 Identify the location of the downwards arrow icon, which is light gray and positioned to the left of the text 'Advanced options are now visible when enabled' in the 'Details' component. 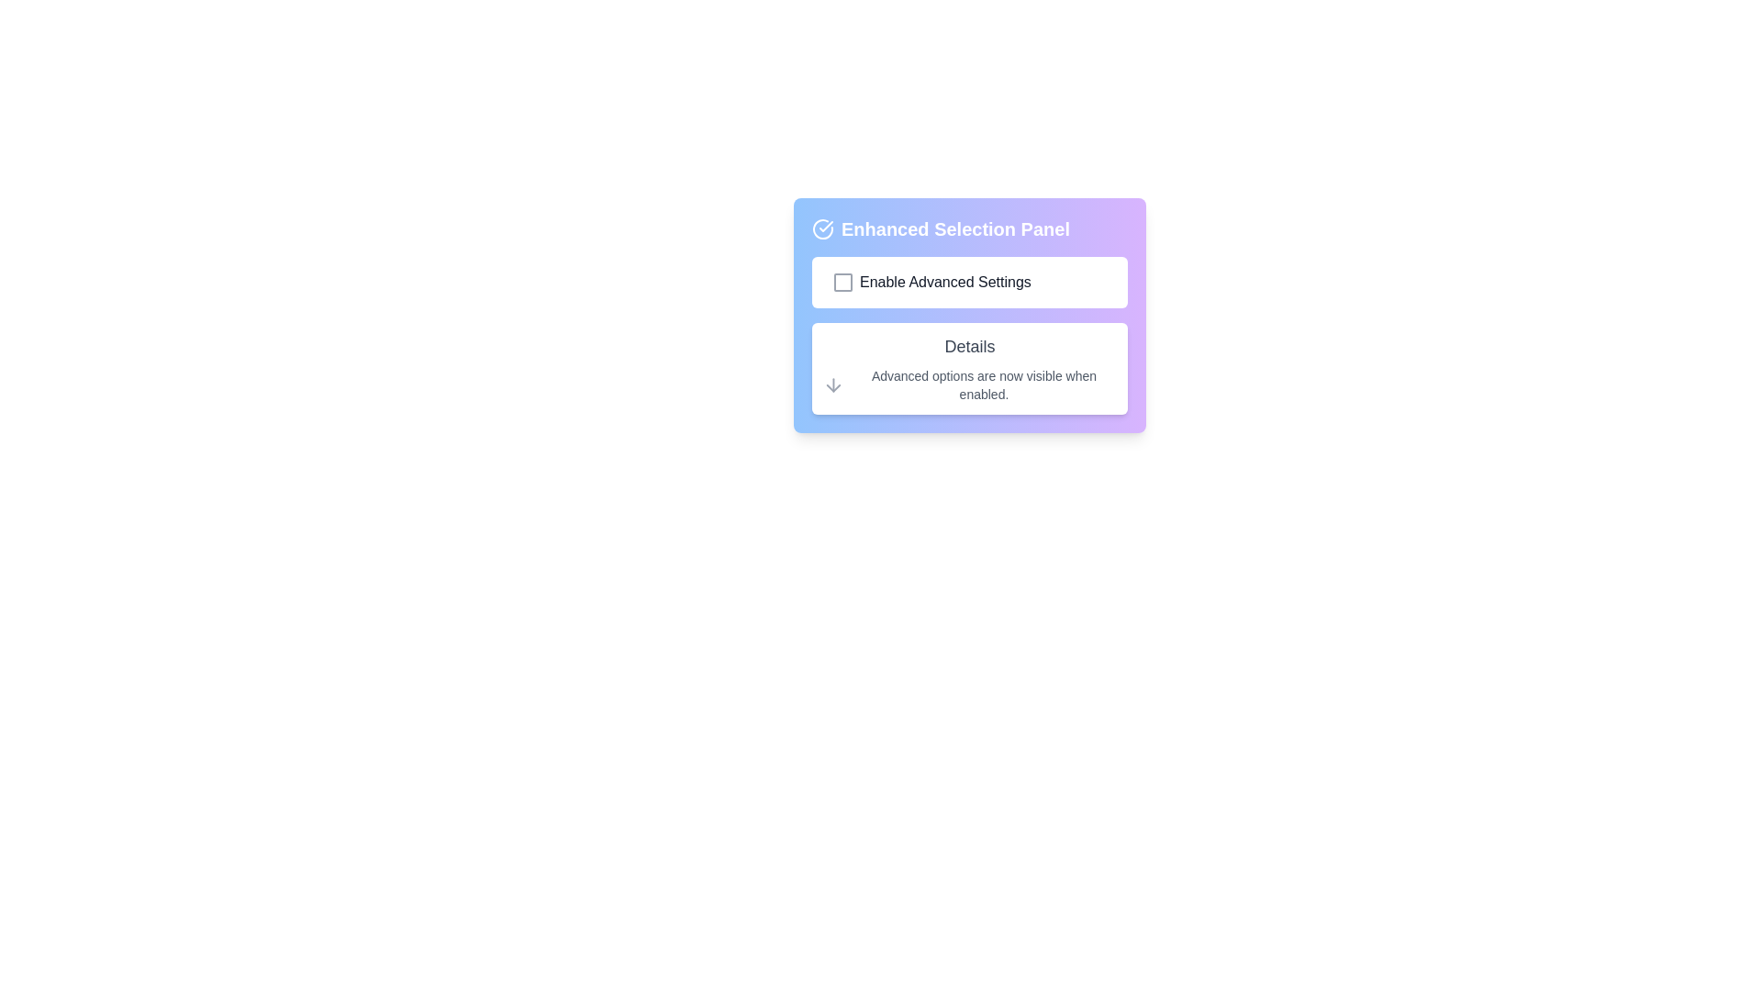
(832, 384).